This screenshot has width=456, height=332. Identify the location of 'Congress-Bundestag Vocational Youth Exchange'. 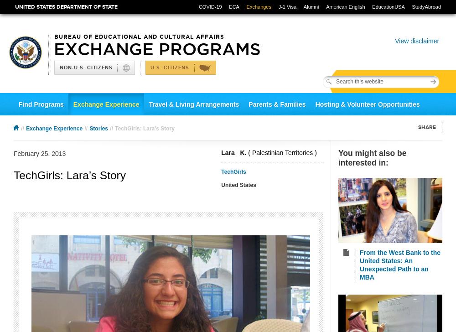
(18, 125).